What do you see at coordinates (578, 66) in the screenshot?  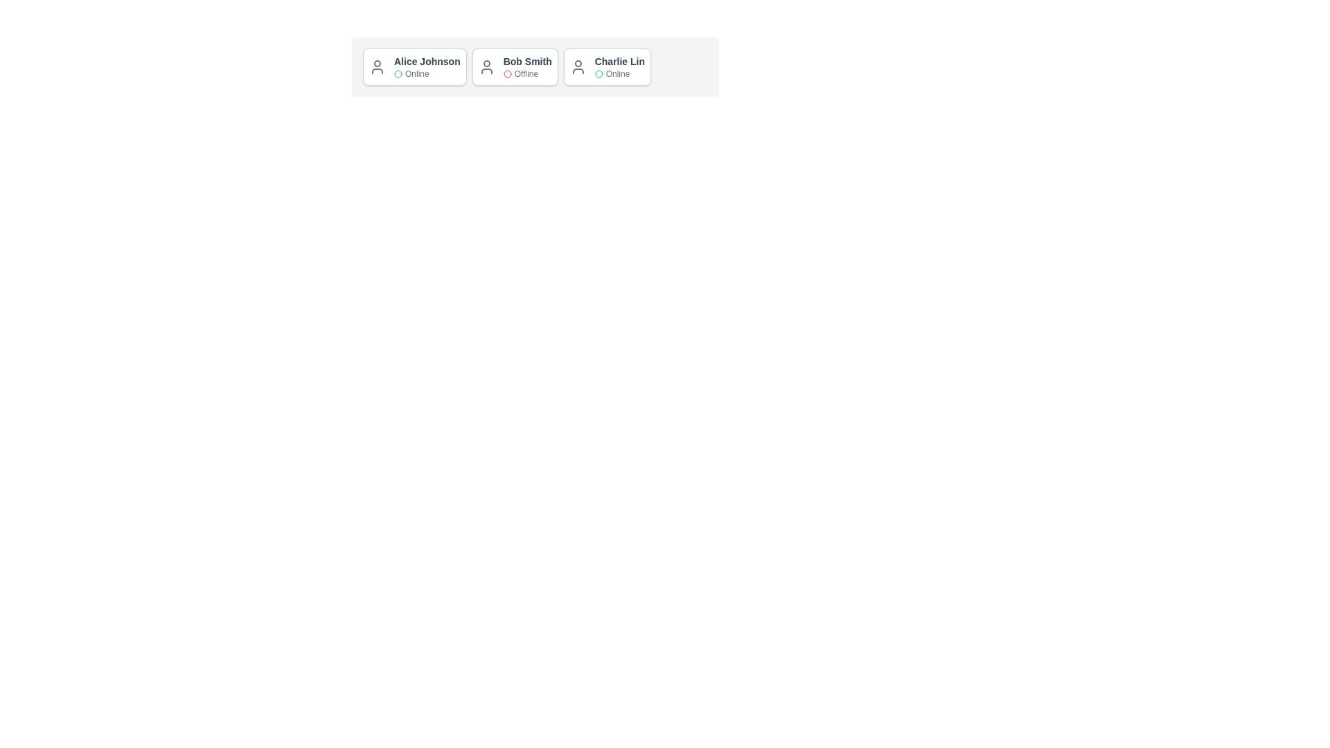 I see `the user icon corresponding to Charlie Lin` at bounding box center [578, 66].